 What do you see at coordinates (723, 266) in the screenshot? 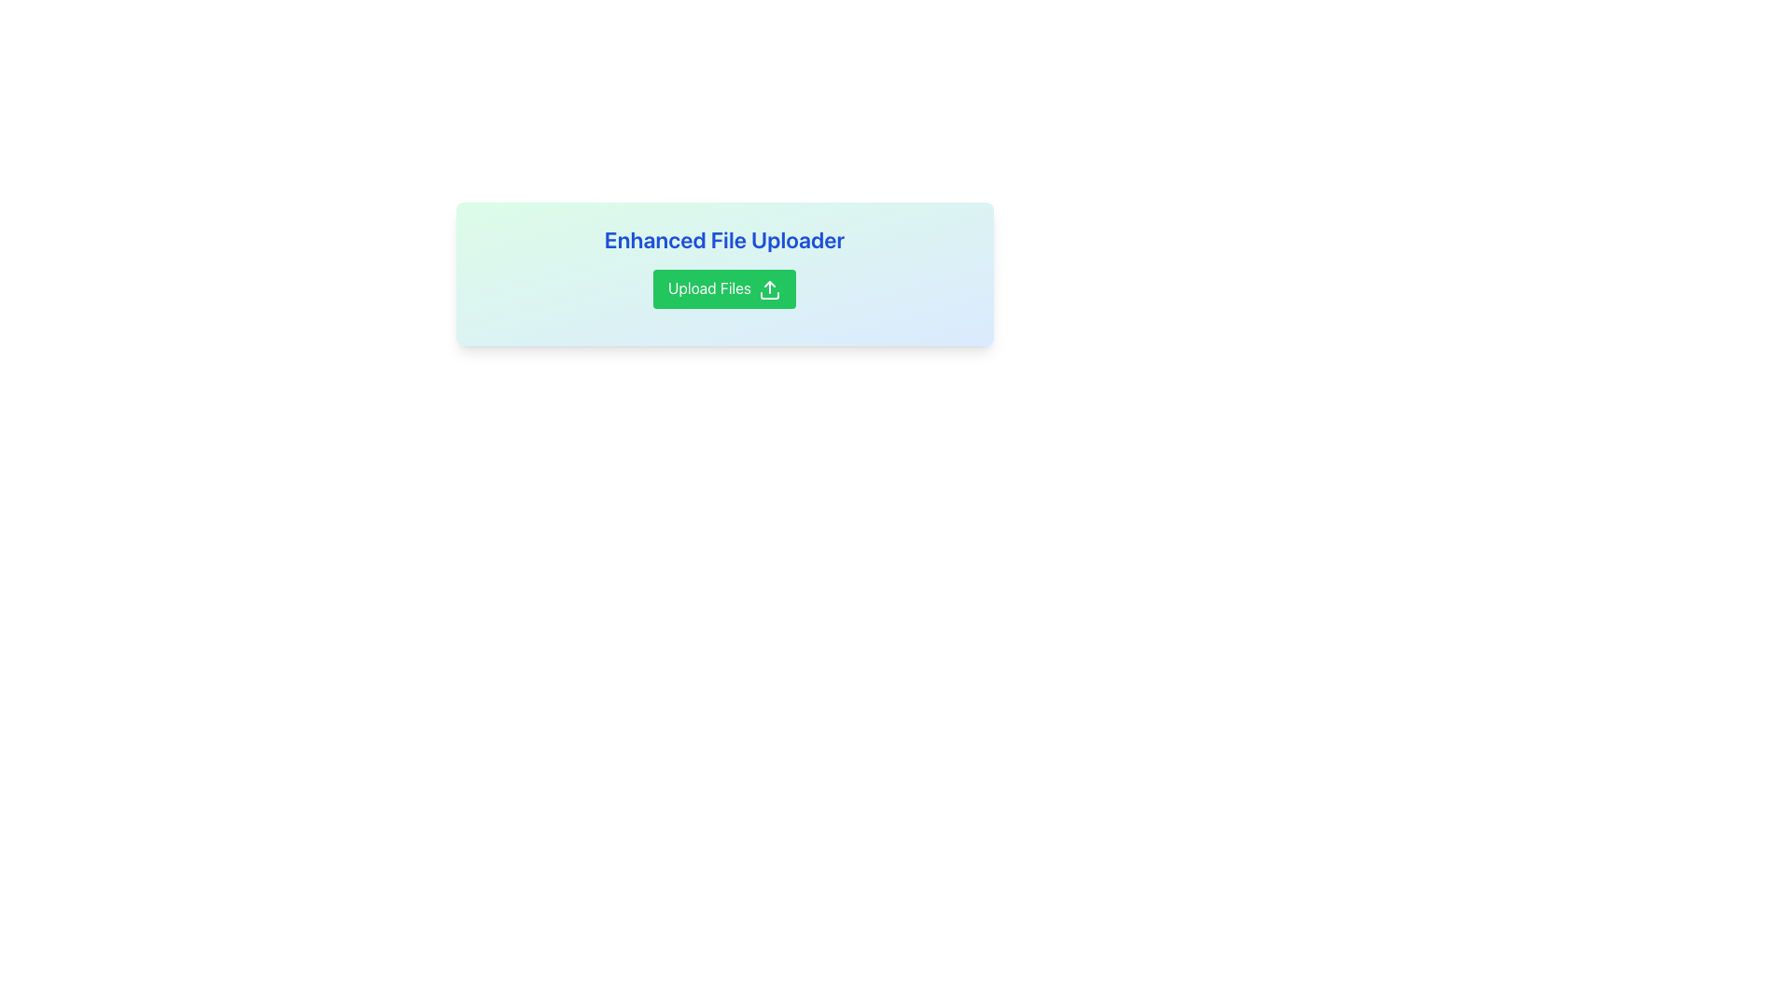
I see `the title 'Enhanced File Uploader'` at bounding box center [723, 266].